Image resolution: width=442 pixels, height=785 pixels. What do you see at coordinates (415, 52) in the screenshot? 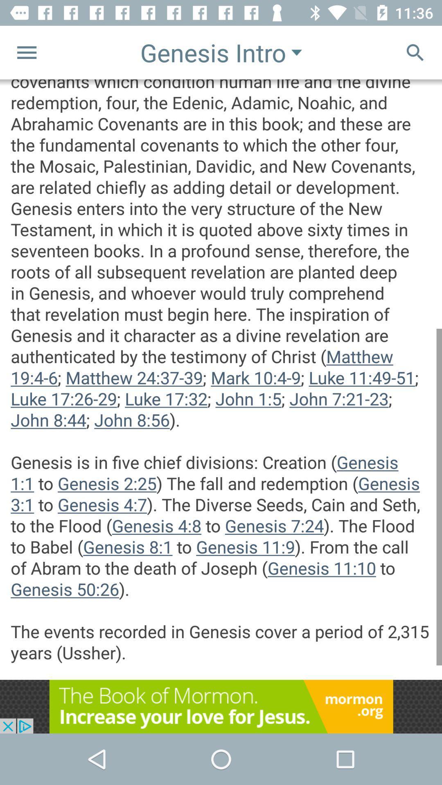
I see `the search icon` at bounding box center [415, 52].